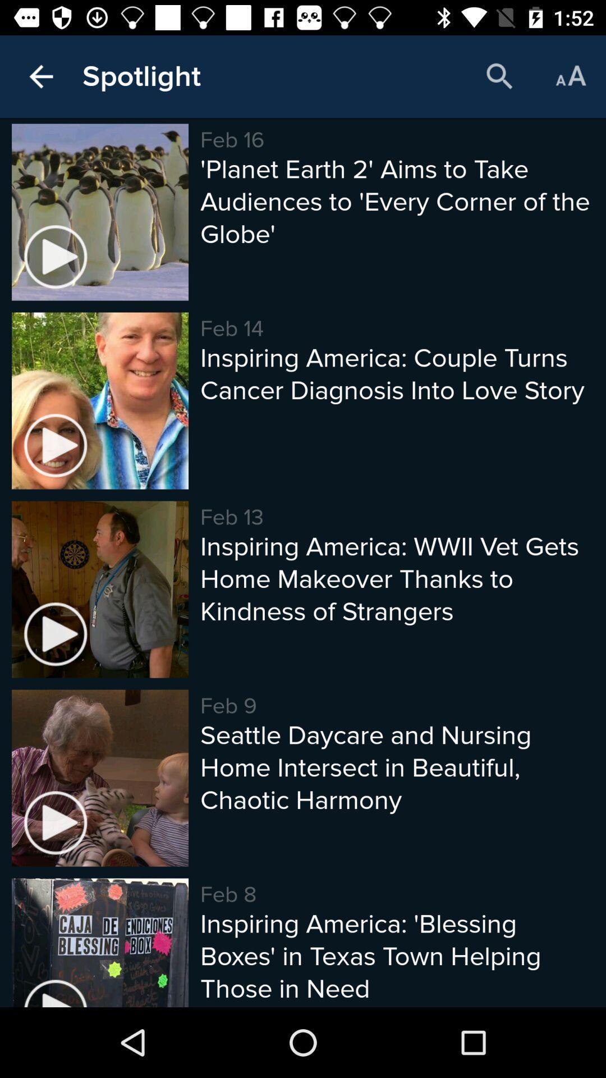 This screenshot has width=606, height=1078. Describe the element at coordinates (499, 76) in the screenshot. I see `item next to the spotlight icon` at that location.